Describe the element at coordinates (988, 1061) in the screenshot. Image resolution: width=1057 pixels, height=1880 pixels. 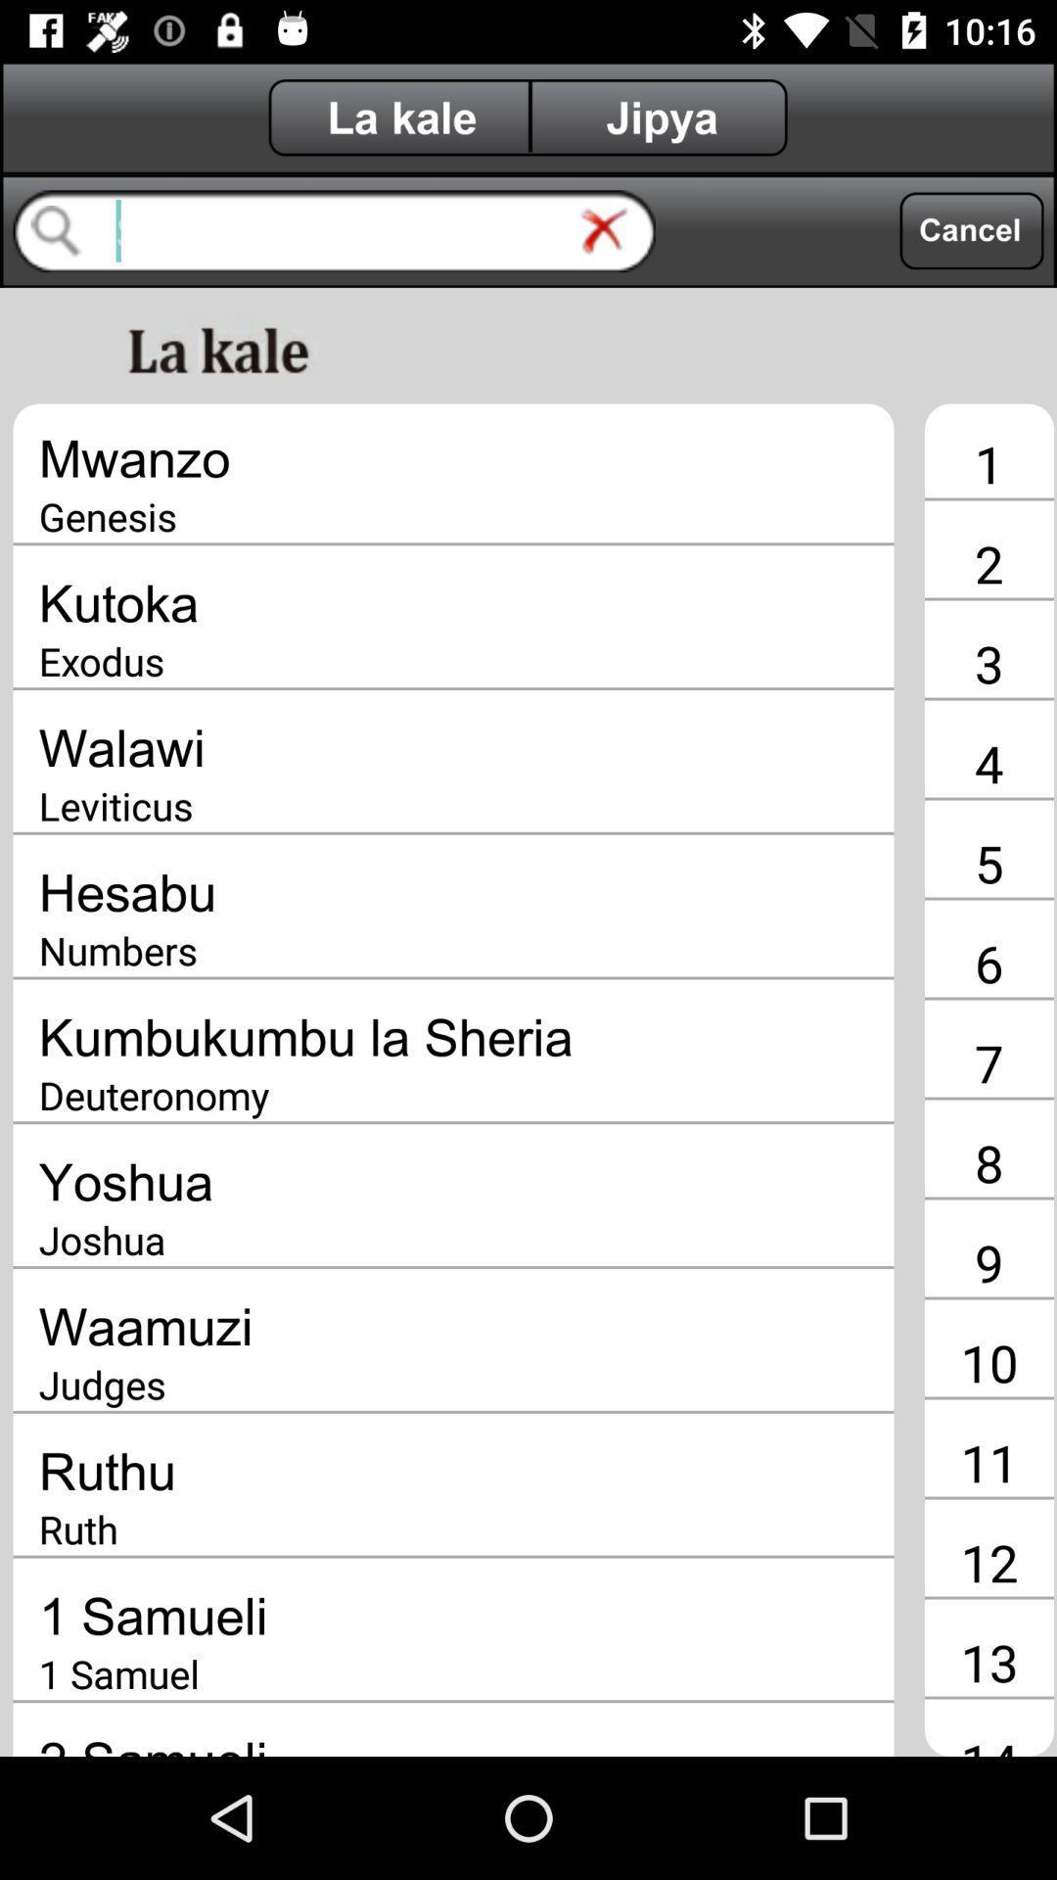
I see `the app next to the kumbukumbu la sheria icon` at that location.